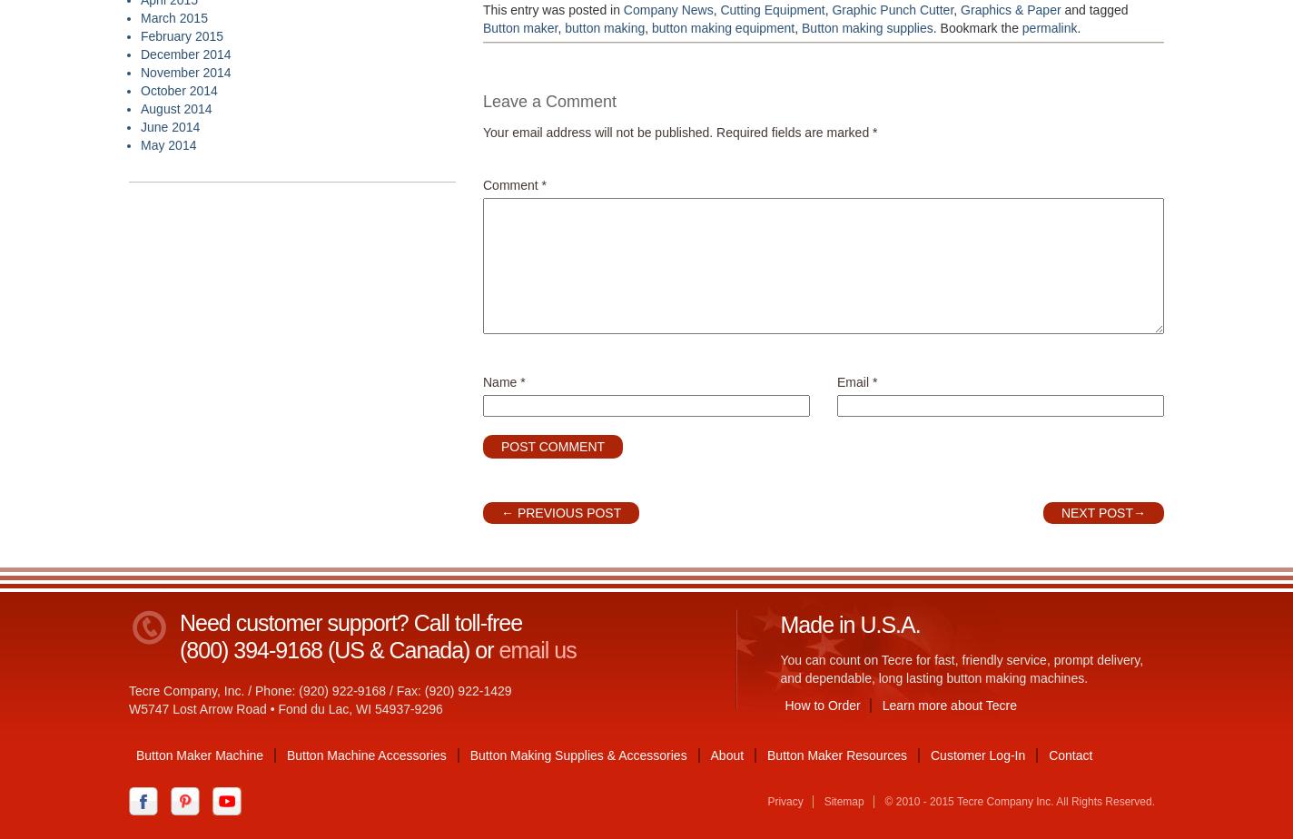 This screenshot has width=1293, height=839. What do you see at coordinates (843, 800) in the screenshot?
I see `'Sitemap'` at bounding box center [843, 800].